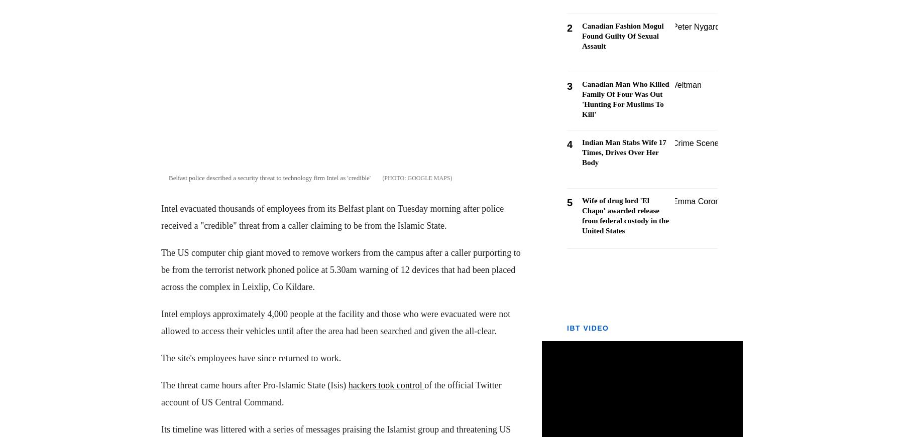 The width and height of the screenshot is (904, 437). Describe the element at coordinates (340, 270) in the screenshot. I see `'The US computer chip giant moved to remove workers from the campus after a caller purporting to be from the terrorist network phoned police at 5.30am warning of 12 devices that had been placed across the complex in Leixlip, Co Kildare.'` at that location.